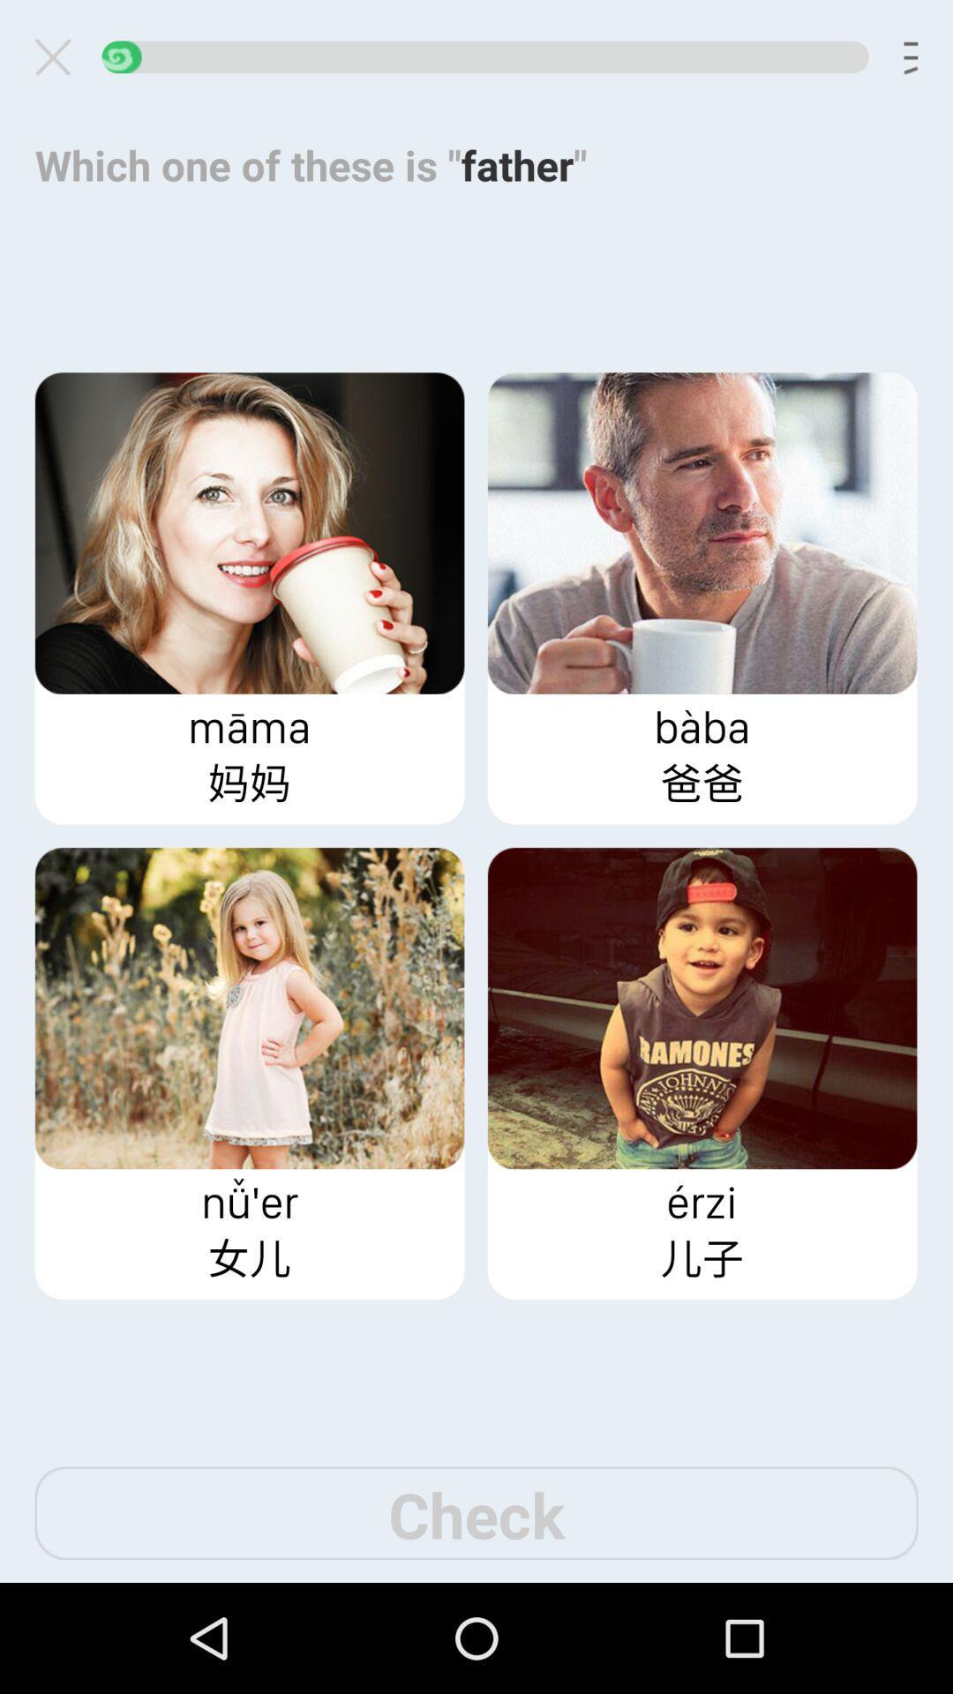 The image size is (953, 1694). Describe the element at coordinates (59, 61) in the screenshot. I see `the close icon` at that location.